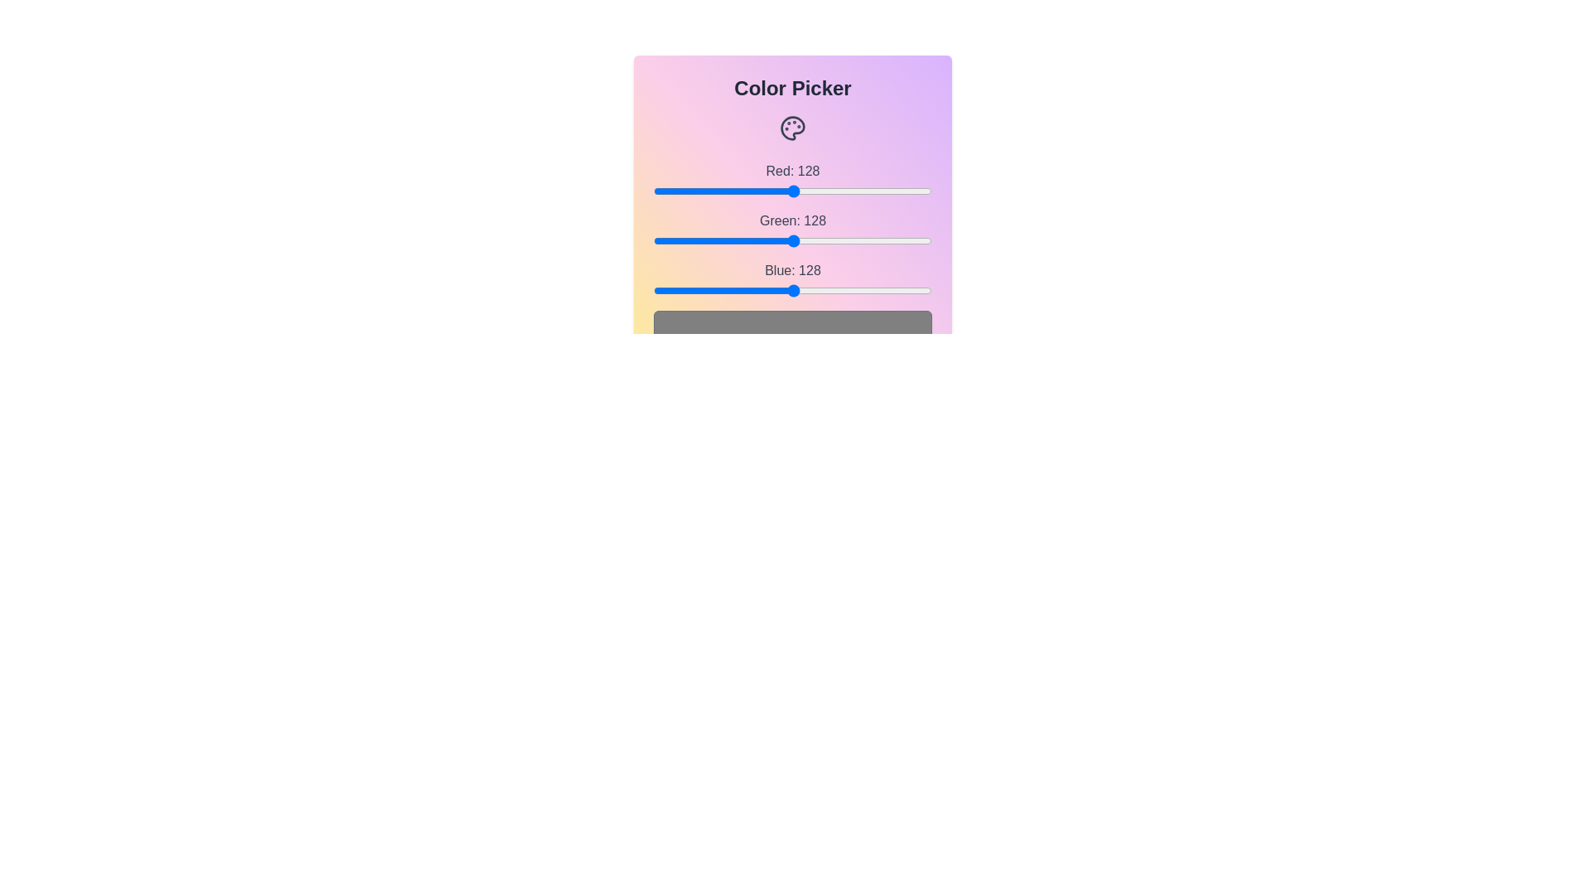 The image size is (1591, 895). I want to click on the Palette icon to interact with the ColorPicker component, so click(791, 127).